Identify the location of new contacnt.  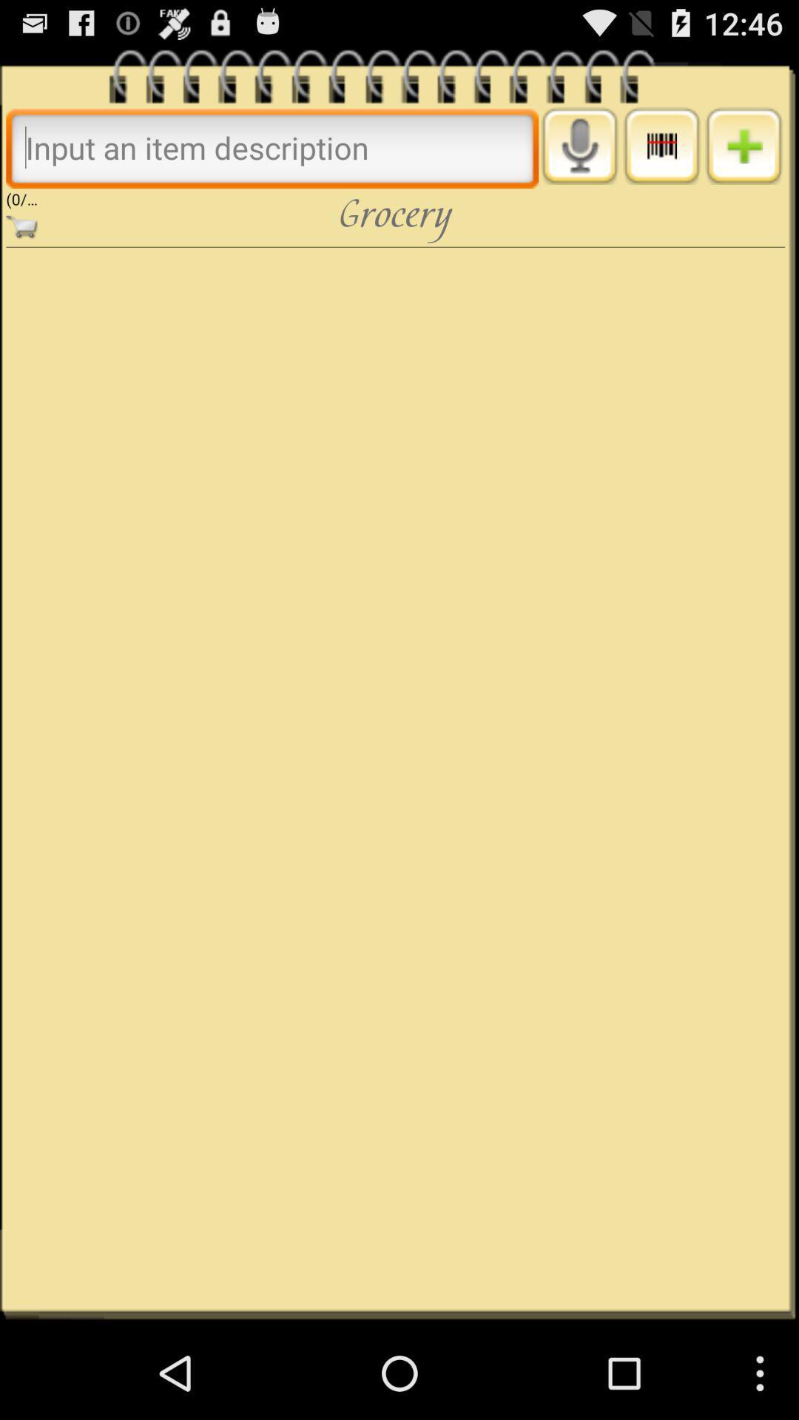
(744, 146).